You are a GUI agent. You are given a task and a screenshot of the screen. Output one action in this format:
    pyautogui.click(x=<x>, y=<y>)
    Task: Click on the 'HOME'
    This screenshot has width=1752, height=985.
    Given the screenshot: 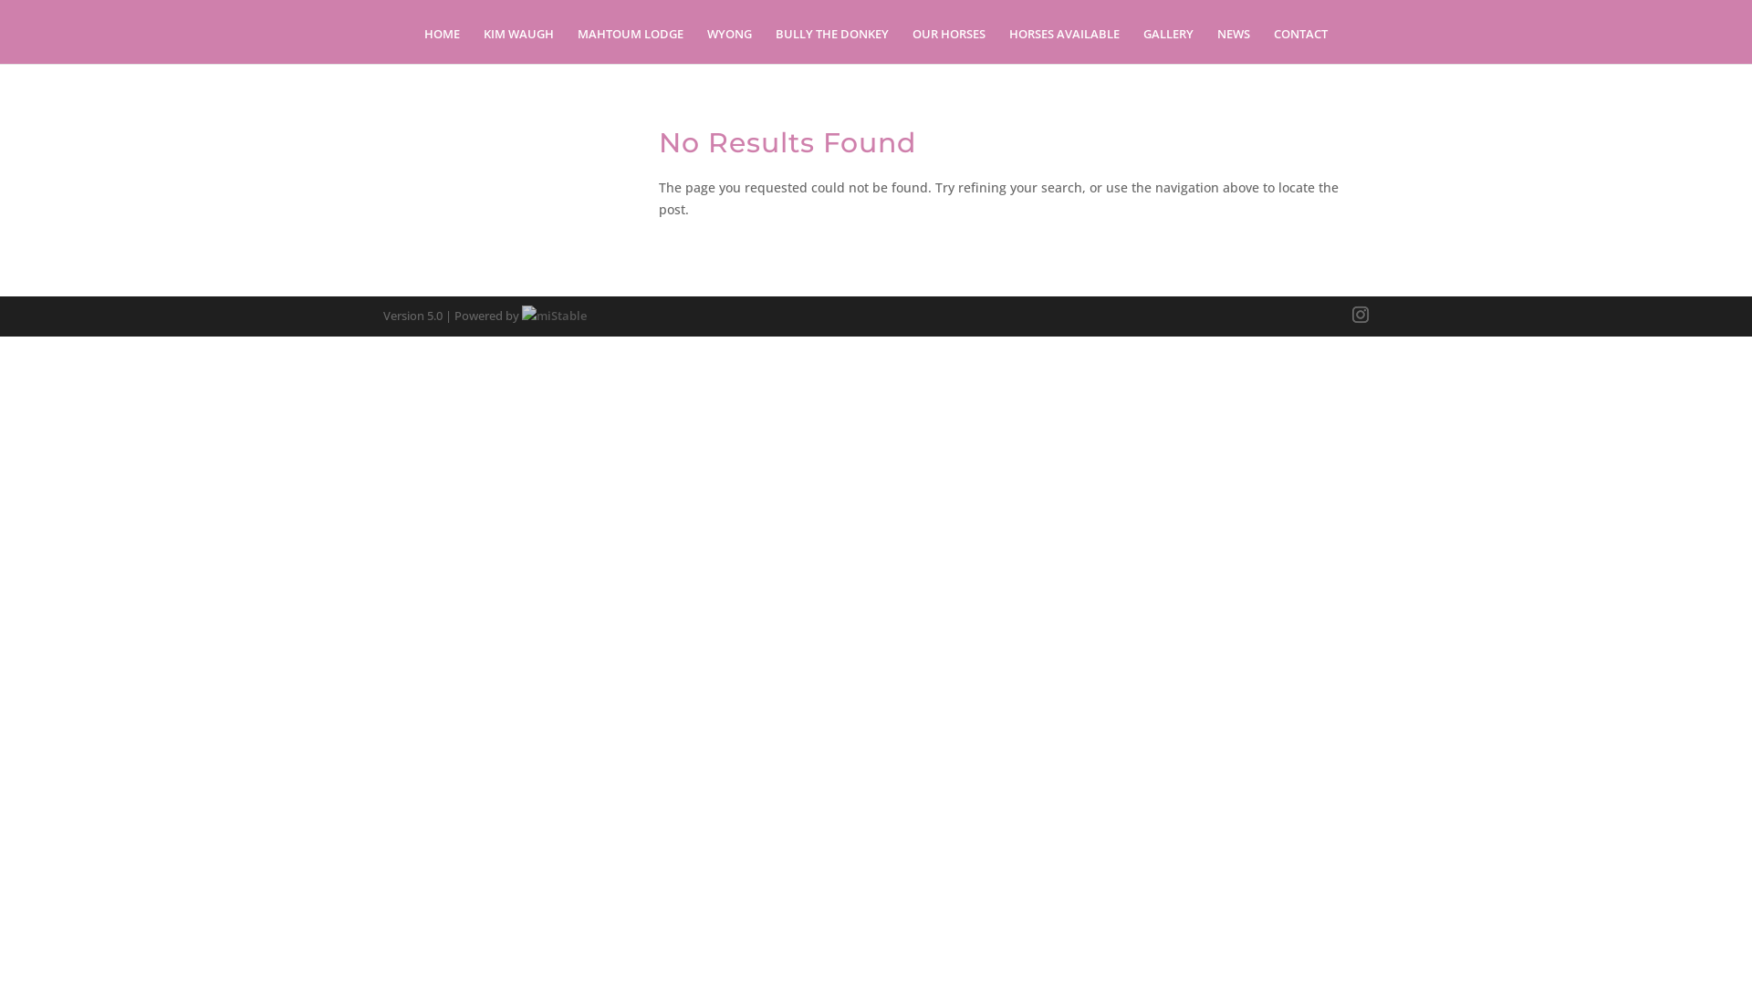 What is the action you would take?
    pyautogui.click(x=442, y=45)
    